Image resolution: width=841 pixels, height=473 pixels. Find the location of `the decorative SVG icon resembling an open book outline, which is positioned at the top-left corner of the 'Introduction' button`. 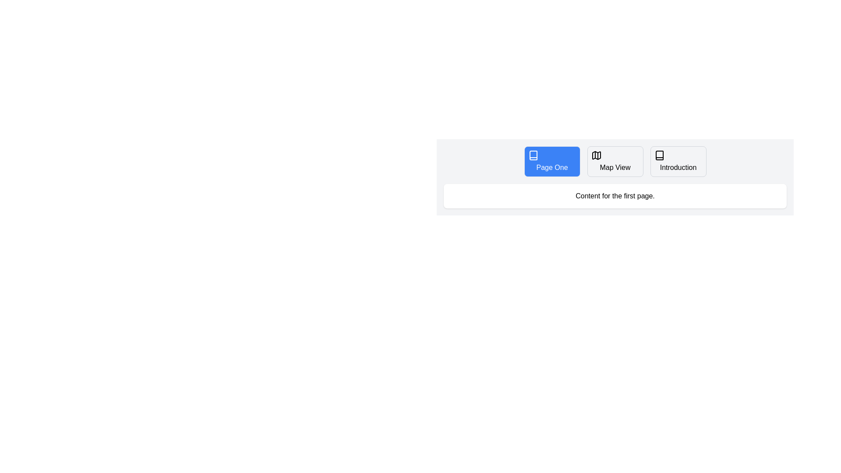

the decorative SVG icon resembling an open book outline, which is positioned at the top-left corner of the 'Introduction' button is located at coordinates (659, 155).